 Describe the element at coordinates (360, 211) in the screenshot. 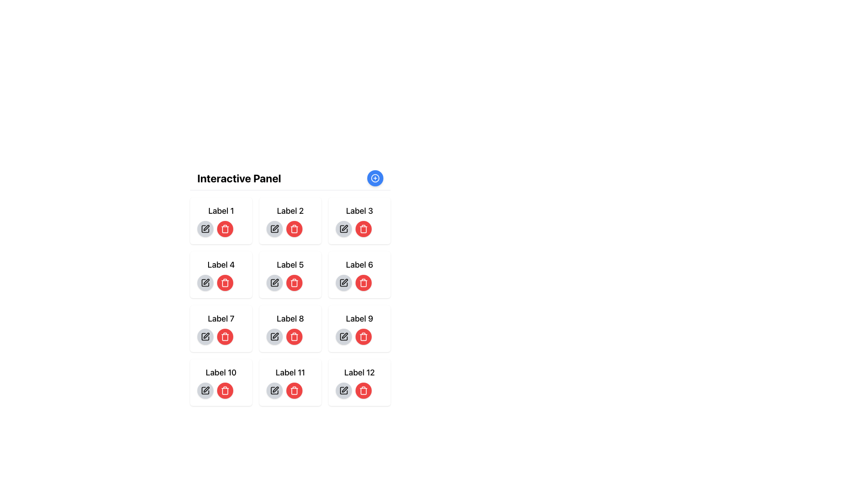

I see `the static text label displaying 'Label 3', which is located in the second row and third column of the grid layout within the 'Interactive Panel'` at that location.